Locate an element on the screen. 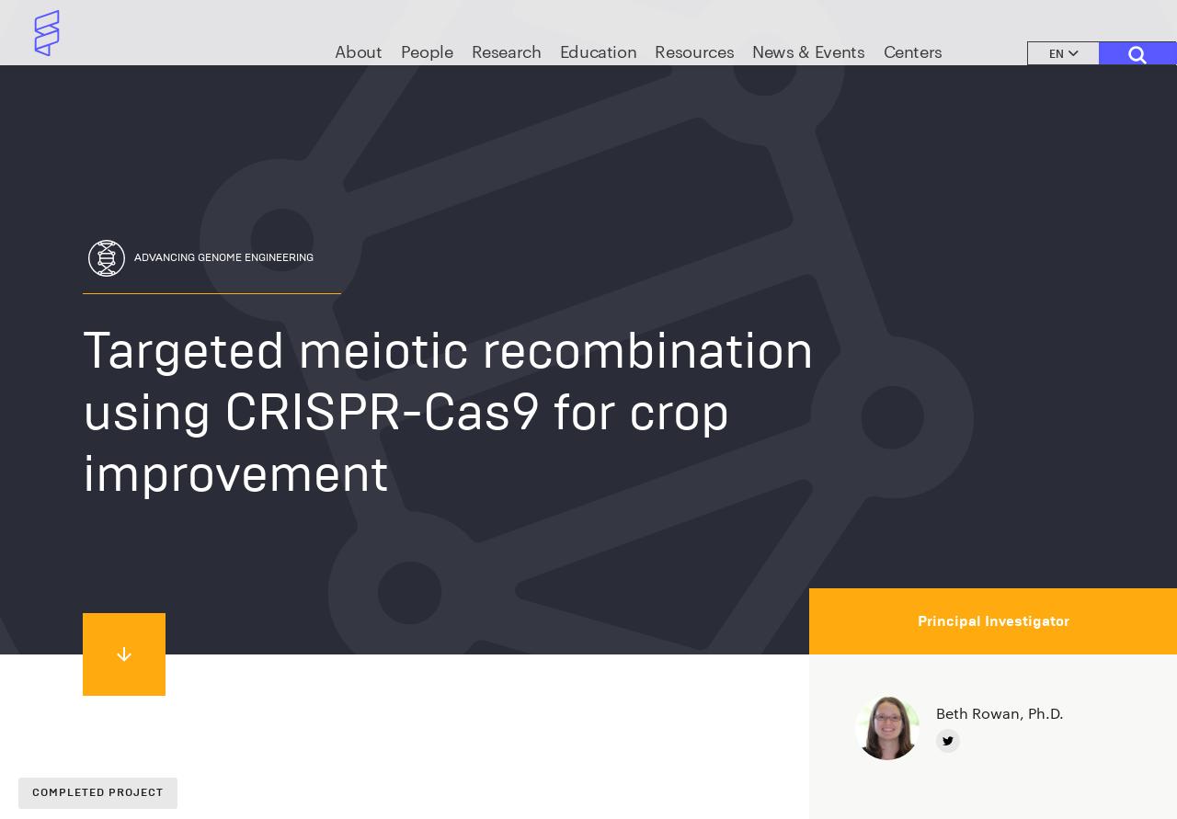  'Centers' is located at coordinates (912, 74).